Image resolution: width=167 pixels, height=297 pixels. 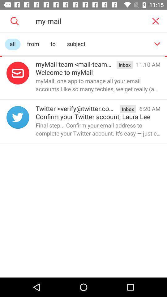 What do you see at coordinates (76, 44) in the screenshot?
I see `subject` at bounding box center [76, 44].